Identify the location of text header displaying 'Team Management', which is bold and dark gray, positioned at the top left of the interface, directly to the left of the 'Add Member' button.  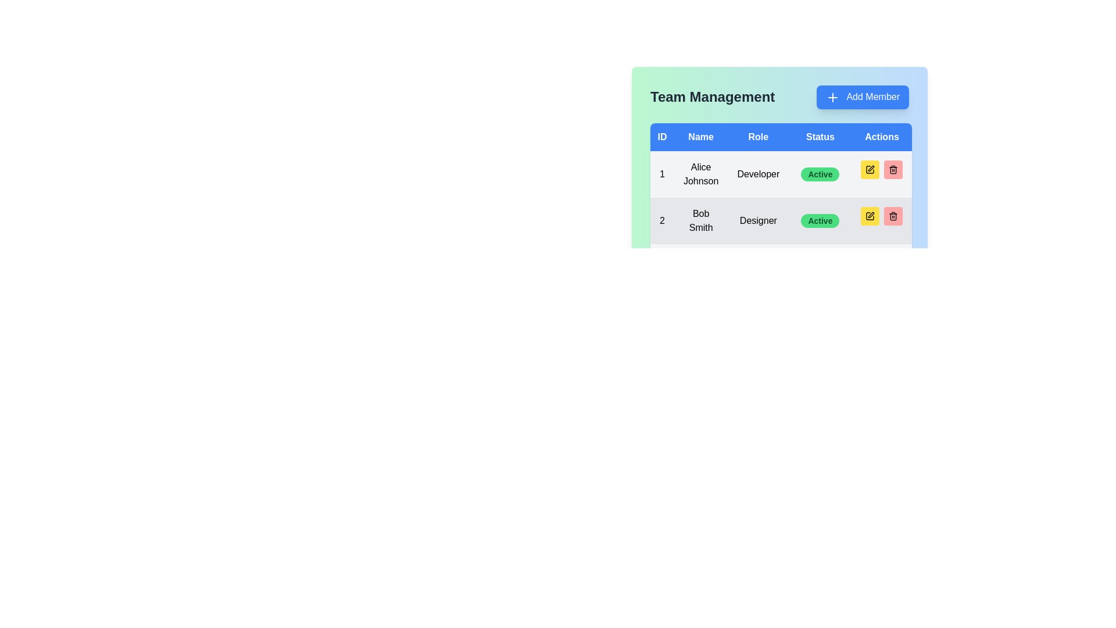
(712, 97).